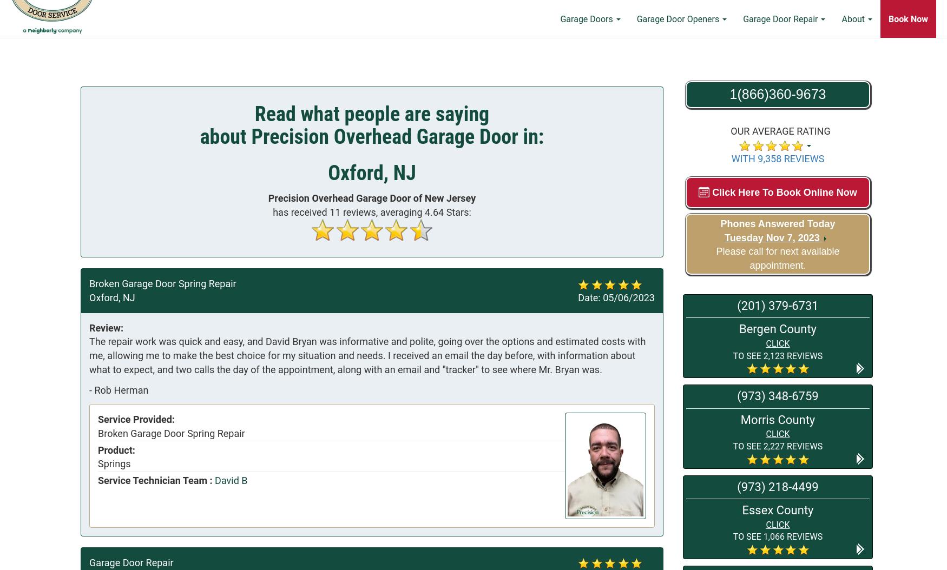 The width and height of the screenshot is (947, 570). What do you see at coordinates (737, 306) in the screenshot?
I see `'(201) 379-6731'` at bounding box center [737, 306].